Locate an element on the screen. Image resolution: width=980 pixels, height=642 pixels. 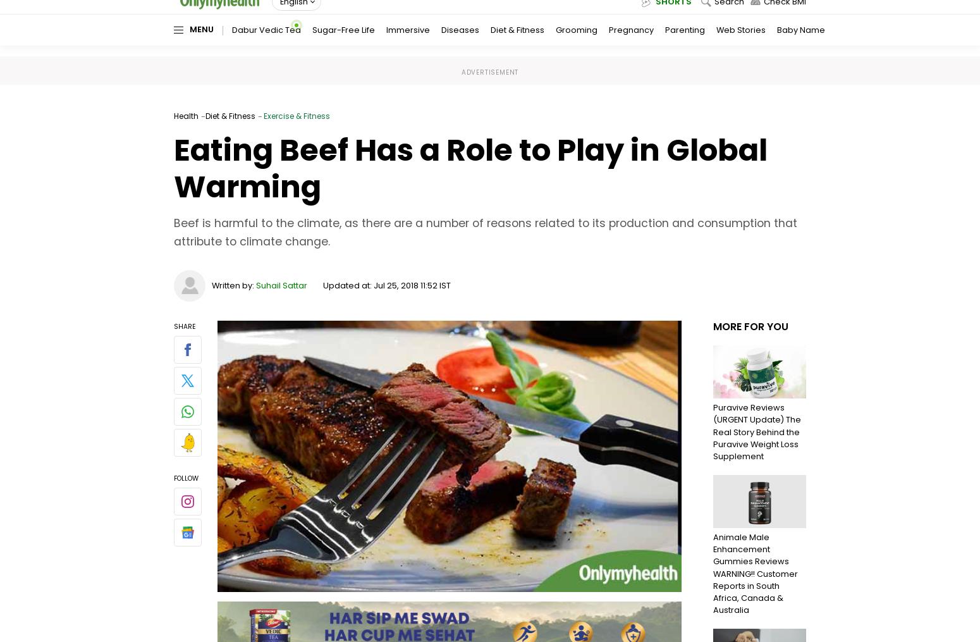
'Updated at: Jul 25, 2018 11:52 IST' is located at coordinates (386, 285).